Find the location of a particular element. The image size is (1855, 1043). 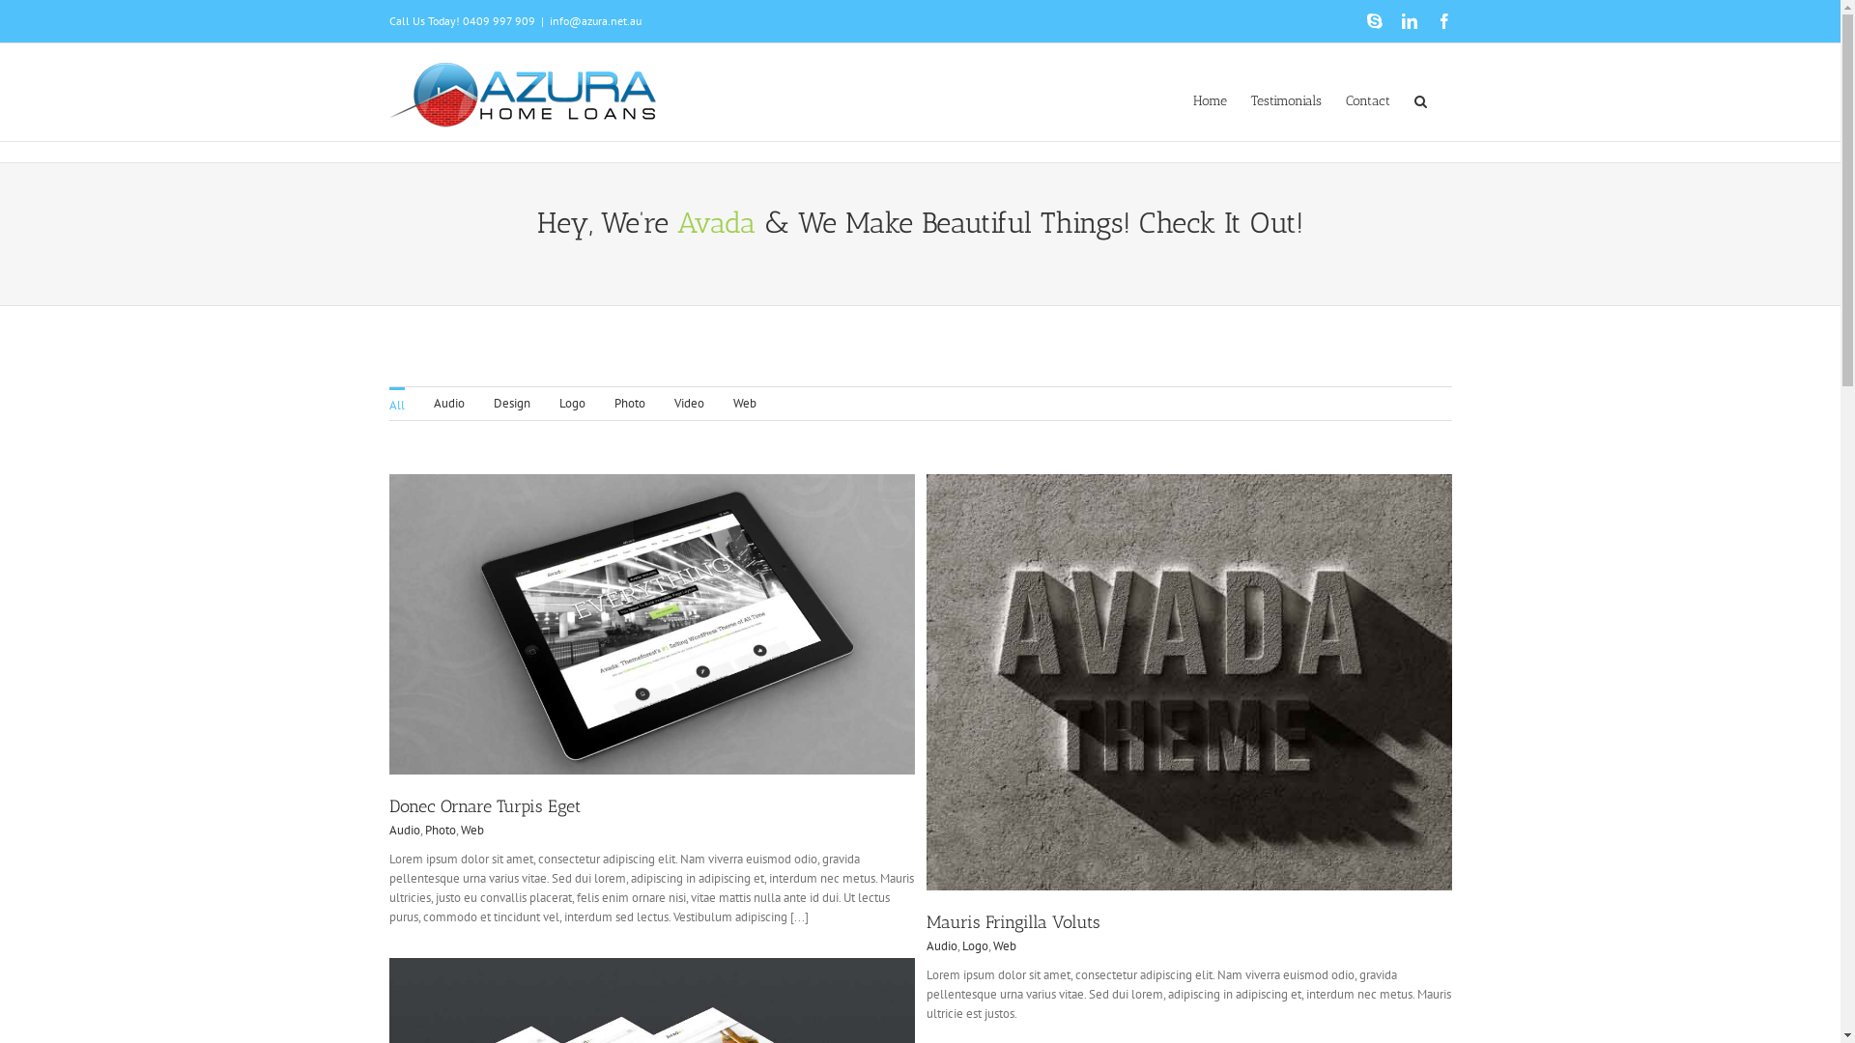

'Home' is located at coordinates (1208, 99).